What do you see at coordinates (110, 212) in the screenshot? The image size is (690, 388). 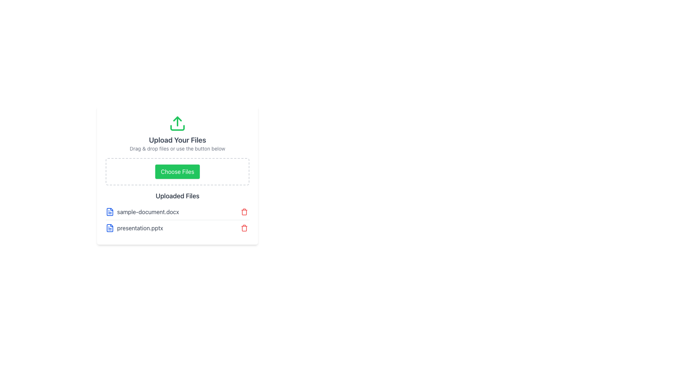 I see `the blue document icon located to the left of 'sample-document.docx' in the 'Uploaded Files' section` at bounding box center [110, 212].